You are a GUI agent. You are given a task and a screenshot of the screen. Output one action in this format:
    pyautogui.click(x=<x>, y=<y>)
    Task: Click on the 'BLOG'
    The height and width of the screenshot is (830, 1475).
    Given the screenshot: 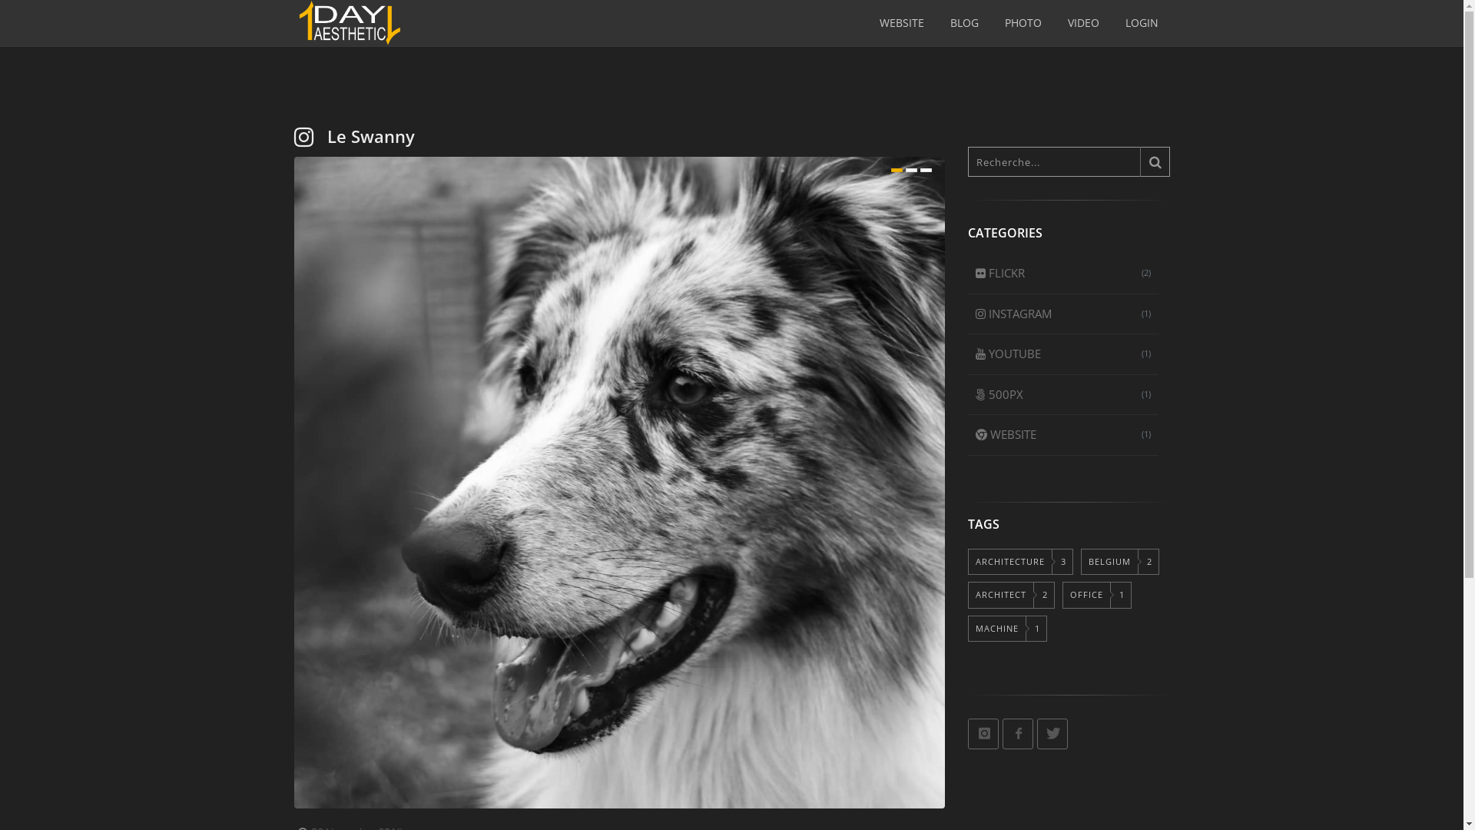 What is the action you would take?
    pyautogui.click(x=938, y=23)
    